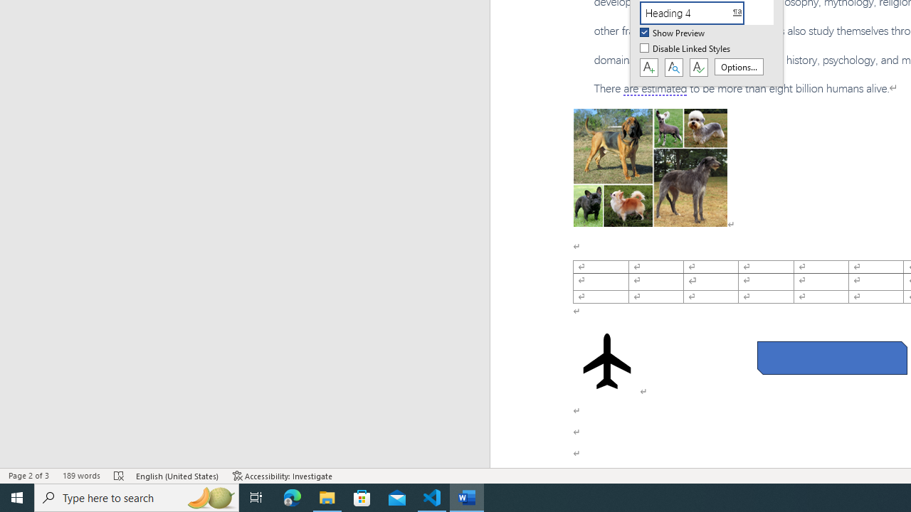  What do you see at coordinates (292, 496) in the screenshot?
I see `'Microsoft Edge'` at bounding box center [292, 496].